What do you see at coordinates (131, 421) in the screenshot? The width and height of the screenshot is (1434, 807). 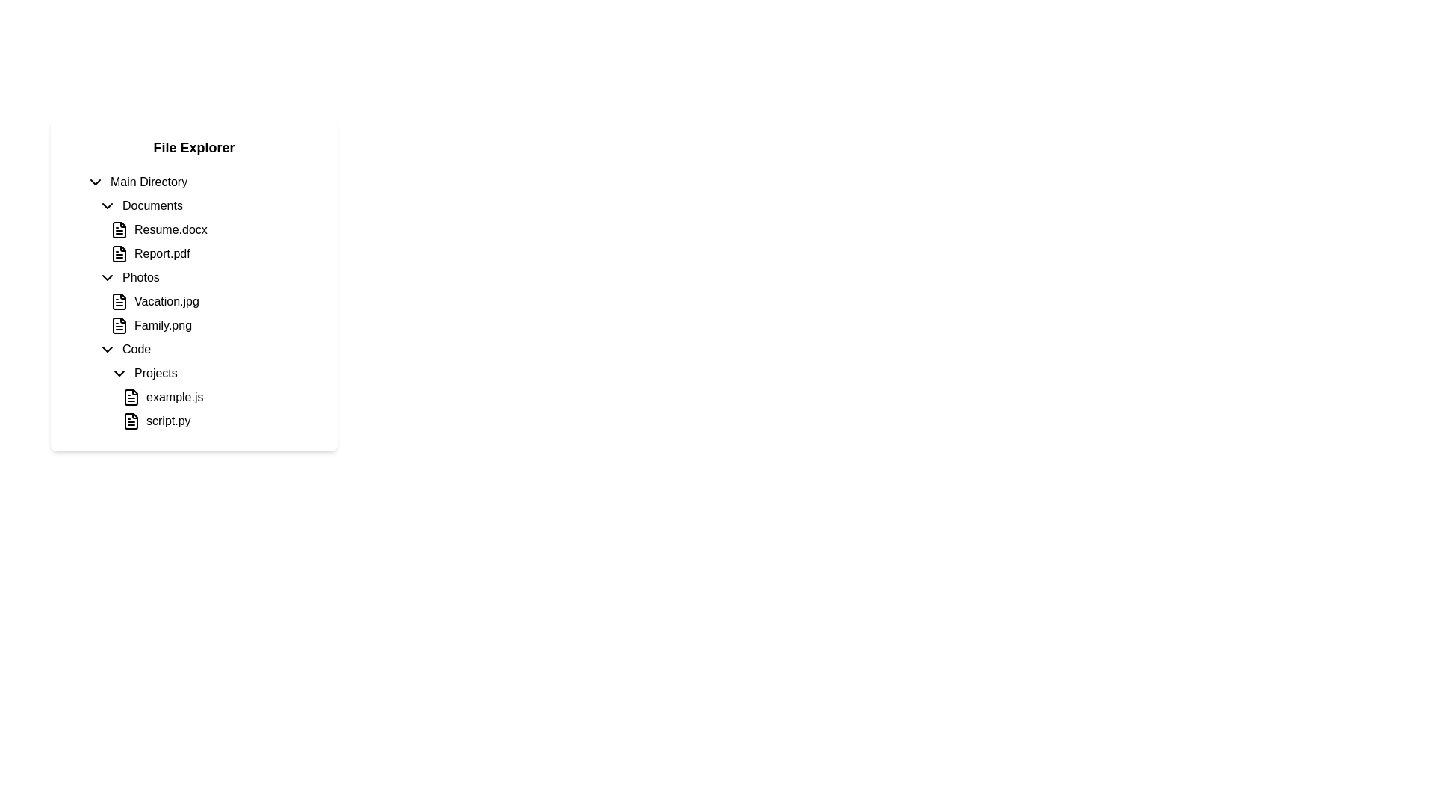 I see `the file icon representing 'script.py' located in the 'Projects' section of the file explorer under the 'Code' directory` at bounding box center [131, 421].